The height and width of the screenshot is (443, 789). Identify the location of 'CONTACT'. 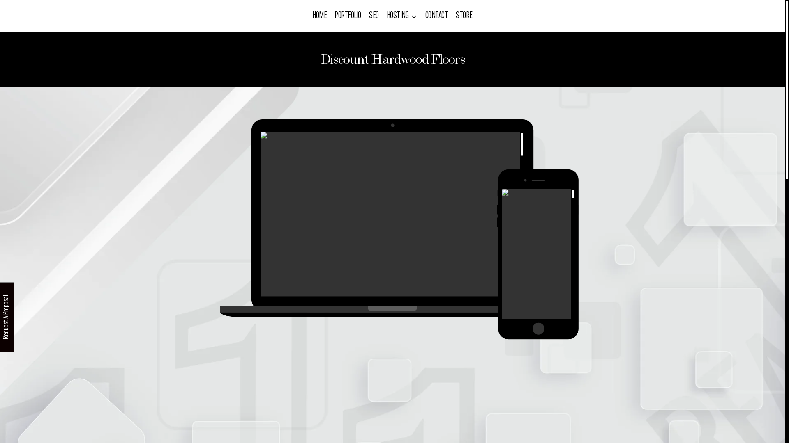
(421, 16).